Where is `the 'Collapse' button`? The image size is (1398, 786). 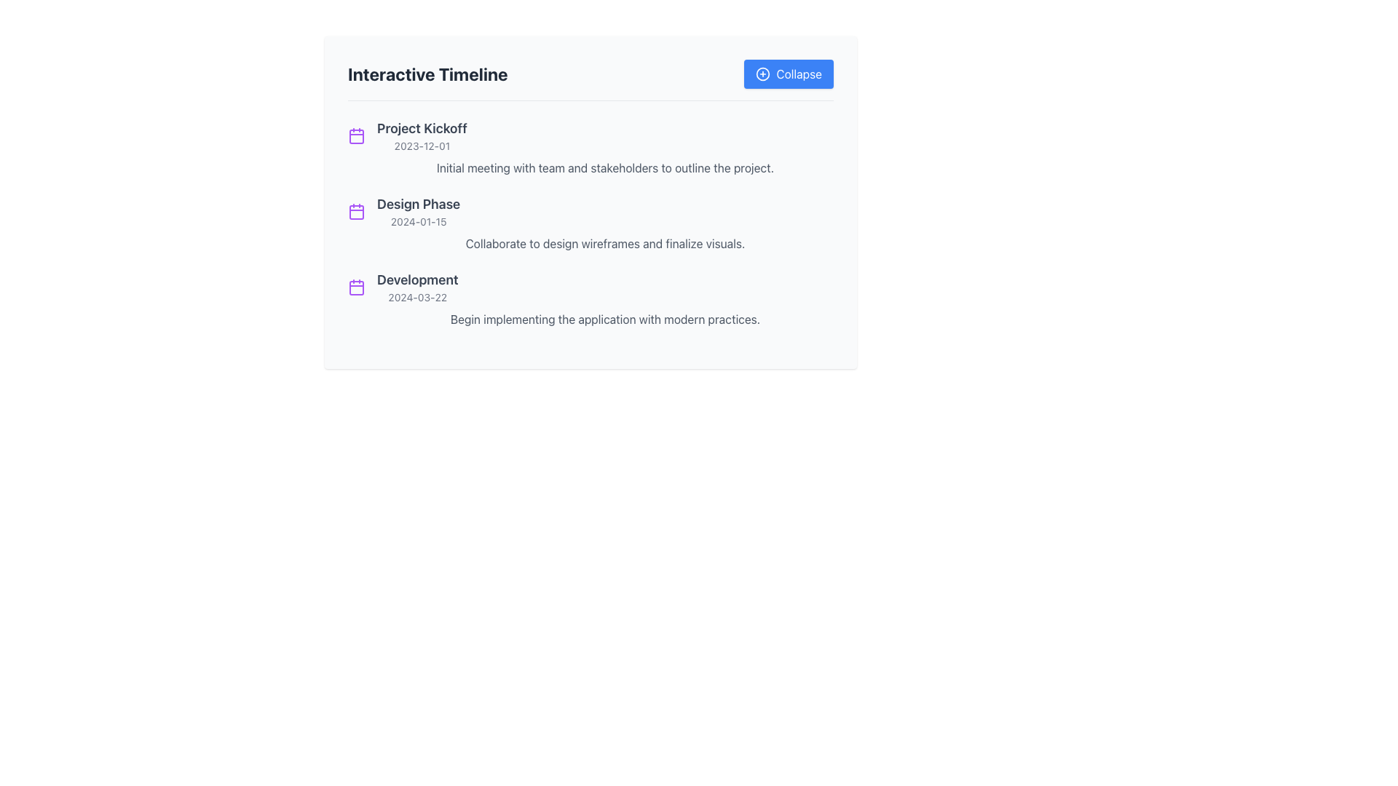 the 'Collapse' button is located at coordinates (788, 74).